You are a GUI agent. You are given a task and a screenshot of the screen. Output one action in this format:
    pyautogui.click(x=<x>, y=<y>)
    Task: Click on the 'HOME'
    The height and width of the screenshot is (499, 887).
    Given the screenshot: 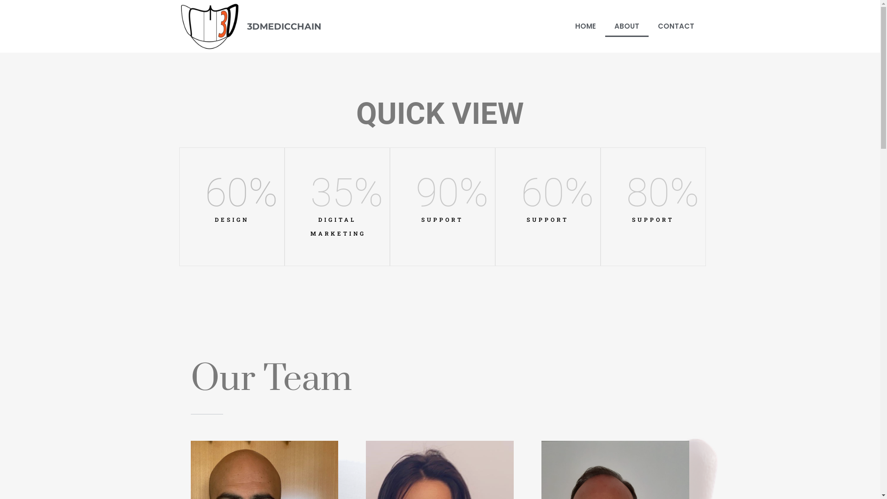 What is the action you would take?
    pyautogui.click(x=584, y=26)
    